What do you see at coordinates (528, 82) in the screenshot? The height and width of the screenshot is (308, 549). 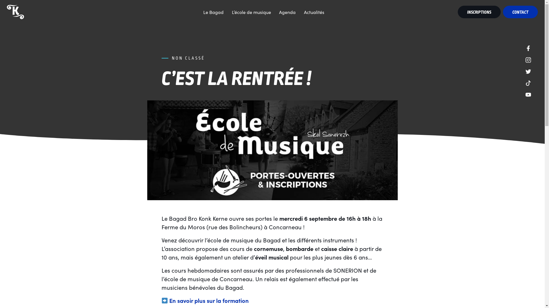 I see `'TikTok'` at bounding box center [528, 82].